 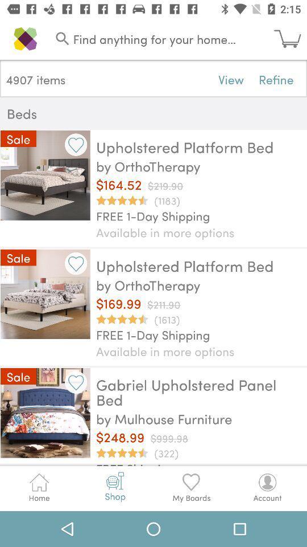 I want to click on mark as favorite, so click(x=76, y=263).